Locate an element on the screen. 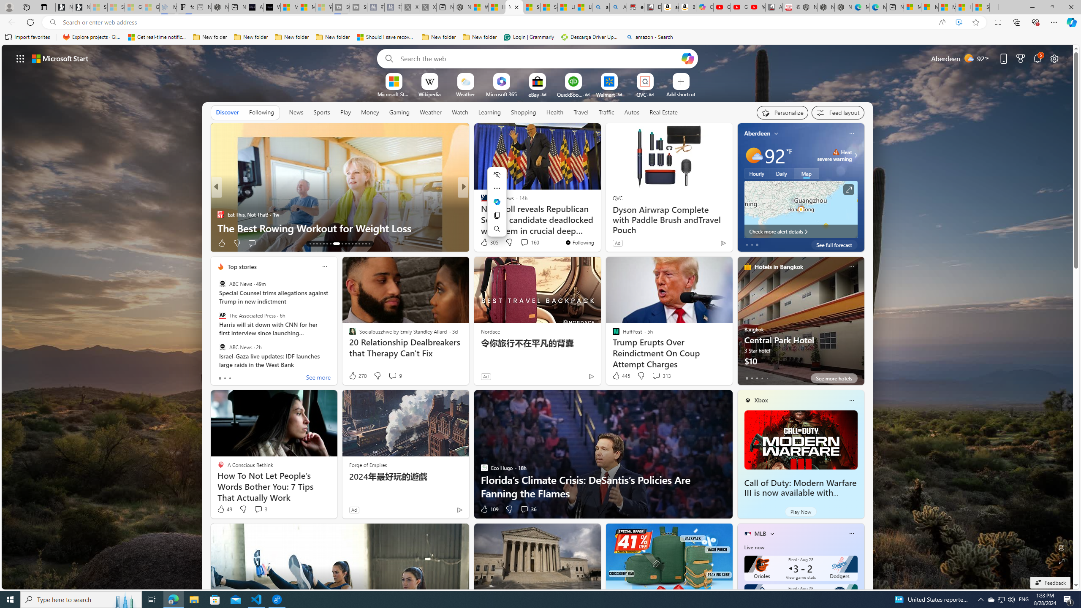 The width and height of the screenshot is (1081, 608). 'Colin Allred Two Points Behind Ted Cruz in Second Texas Poll' is located at coordinates (599, 221).